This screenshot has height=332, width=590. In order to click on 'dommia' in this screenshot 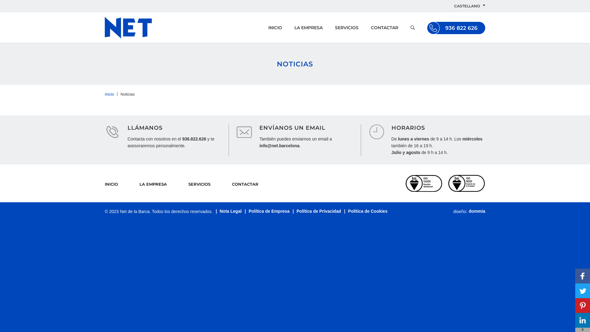, I will do `click(476, 211)`.